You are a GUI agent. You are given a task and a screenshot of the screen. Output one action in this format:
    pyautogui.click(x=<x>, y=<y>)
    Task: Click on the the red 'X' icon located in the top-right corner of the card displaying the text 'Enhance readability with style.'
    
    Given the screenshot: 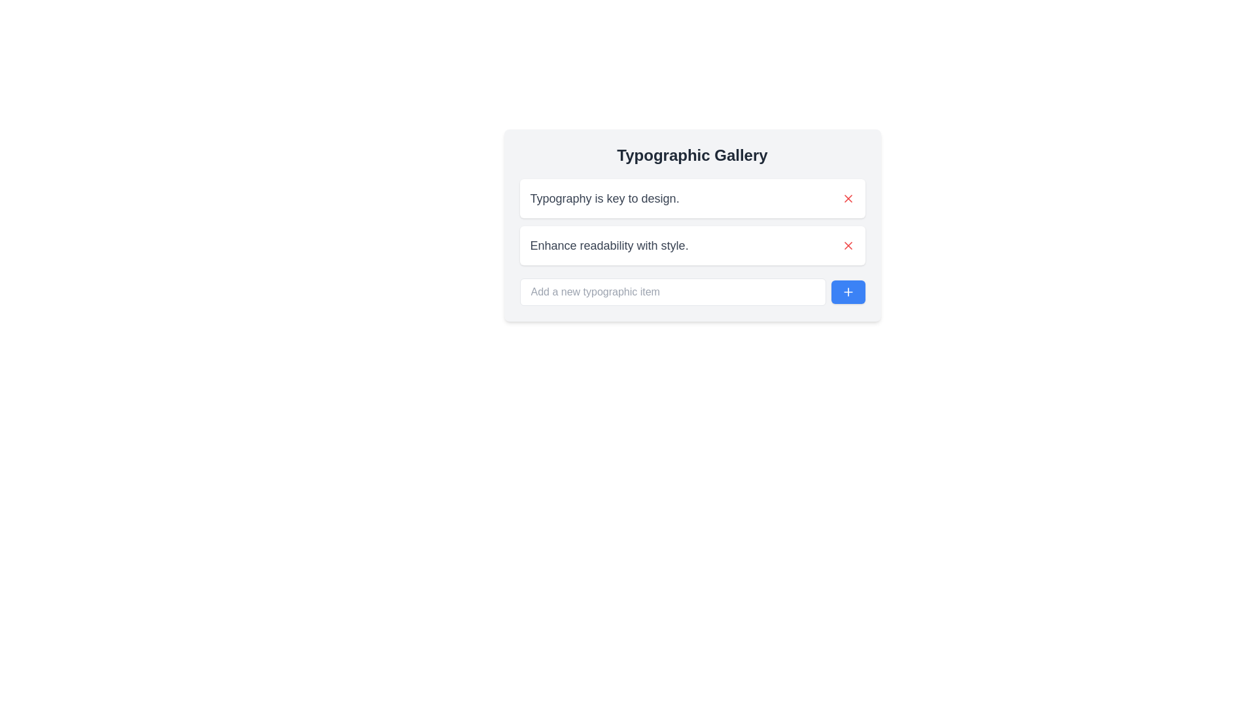 What is the action you would take?
    pyautogui.click(x=848, y=245)
    